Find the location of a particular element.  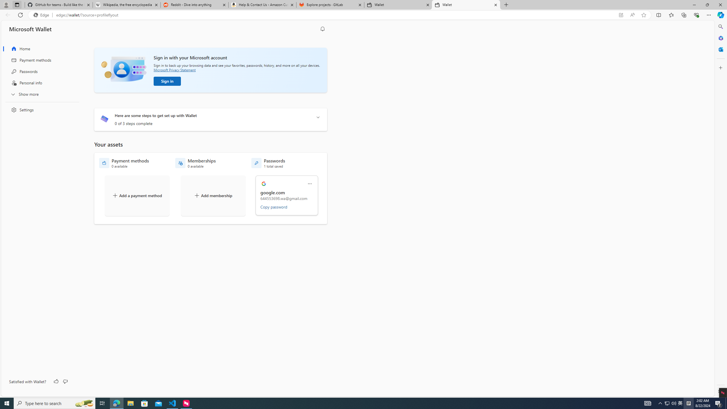

'Passwords' is located at coordinates (40, 71).